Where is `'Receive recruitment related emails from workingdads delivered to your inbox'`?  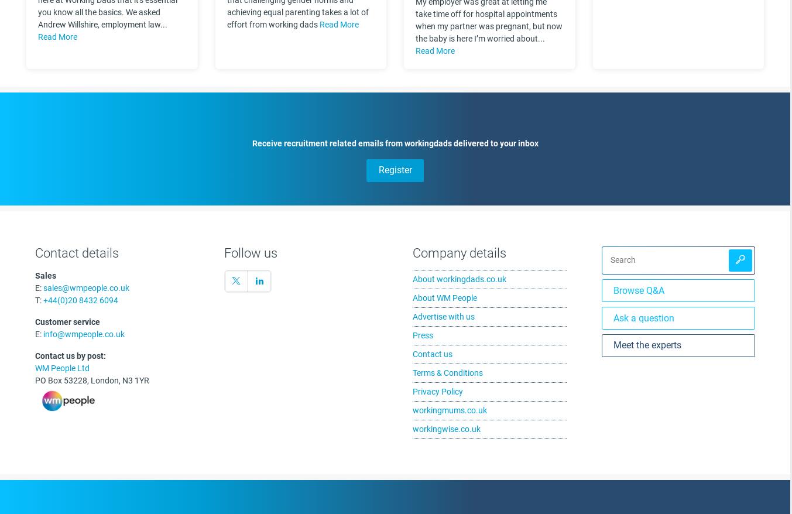
'Receive recruitment related emails from workingdads delivered to your inbox' is located at coordinates (394, 142).